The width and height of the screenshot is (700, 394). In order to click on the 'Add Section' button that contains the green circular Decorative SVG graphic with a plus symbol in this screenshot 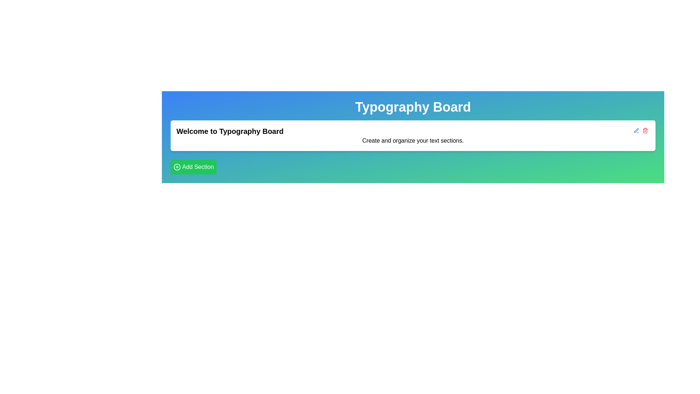, I will do `click(177, 167)`.